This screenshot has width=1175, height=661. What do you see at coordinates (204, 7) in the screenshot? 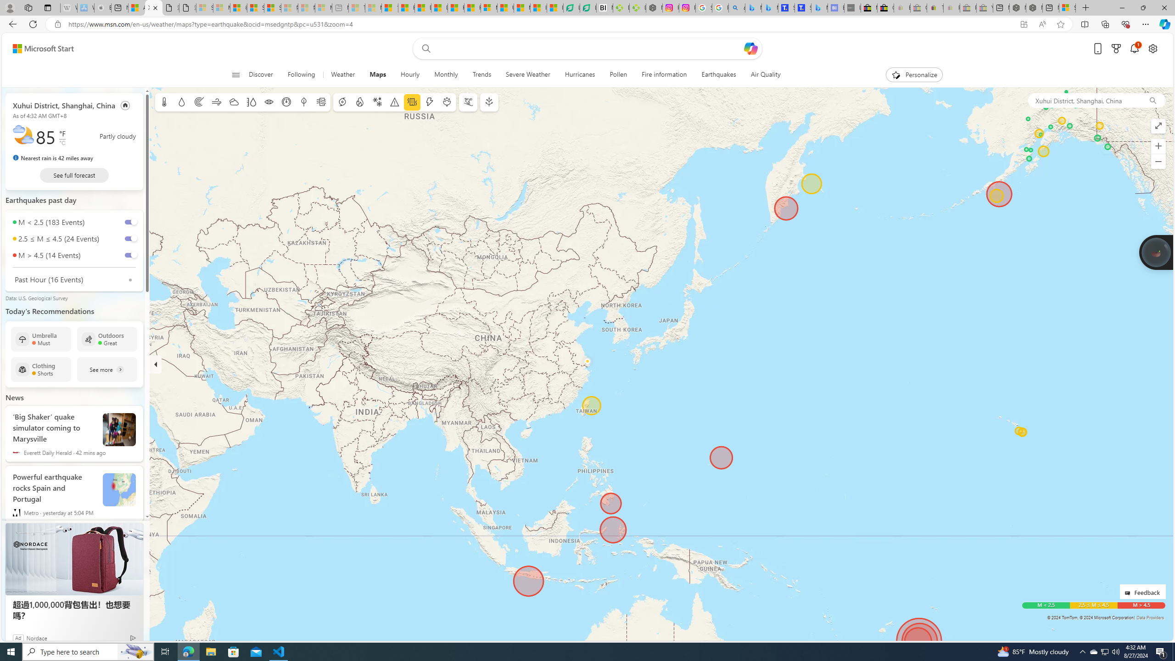
I see `'Sign in to your Microsoft account - Sleeping'` at bounding box center [204, 7].